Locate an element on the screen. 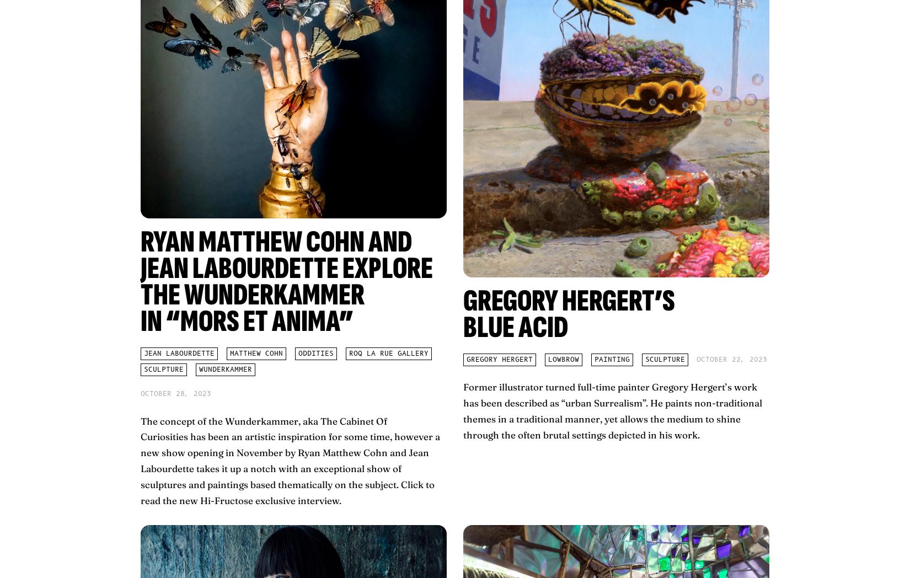  'Matthew Cohn' is located at coordinates (255, 353).